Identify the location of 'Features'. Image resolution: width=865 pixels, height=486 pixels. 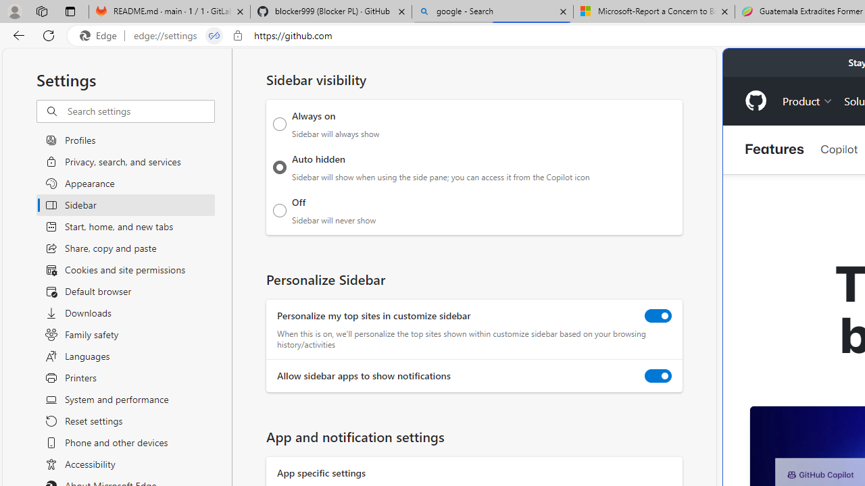
(774, 149).